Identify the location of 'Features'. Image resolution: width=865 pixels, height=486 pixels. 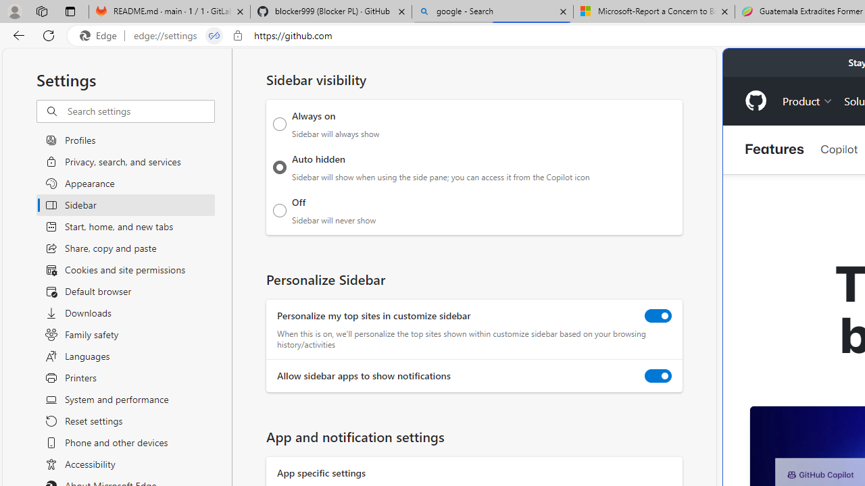
(774, 149).